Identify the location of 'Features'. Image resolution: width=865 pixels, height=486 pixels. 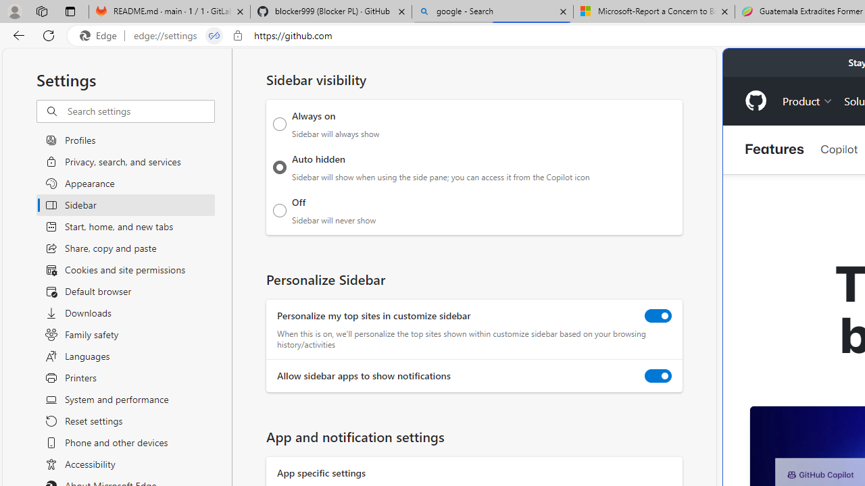
(774, 149).